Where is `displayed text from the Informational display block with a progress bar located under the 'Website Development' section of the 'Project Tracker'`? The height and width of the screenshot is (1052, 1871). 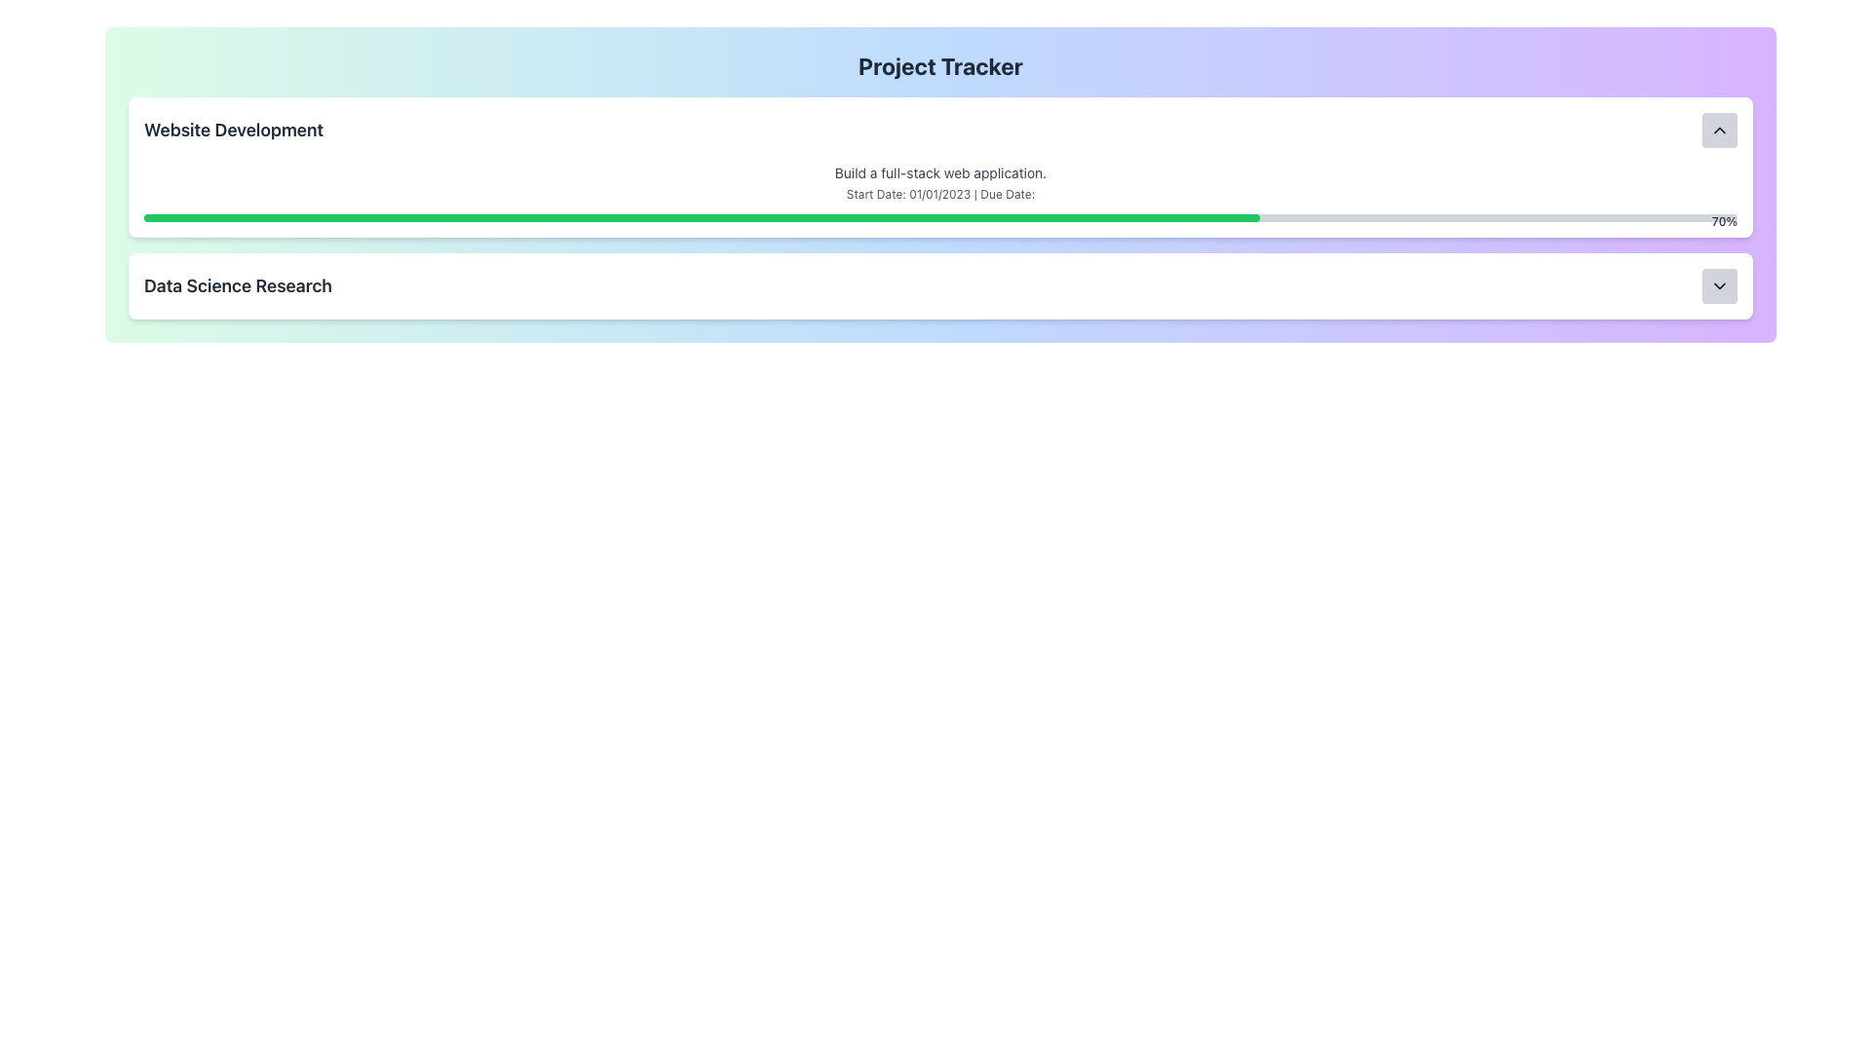
displayed text from the Informational display block with a progress bar located under the 'Website Development' section of the 'Project Tracker' is located at coordinates (940, 192).